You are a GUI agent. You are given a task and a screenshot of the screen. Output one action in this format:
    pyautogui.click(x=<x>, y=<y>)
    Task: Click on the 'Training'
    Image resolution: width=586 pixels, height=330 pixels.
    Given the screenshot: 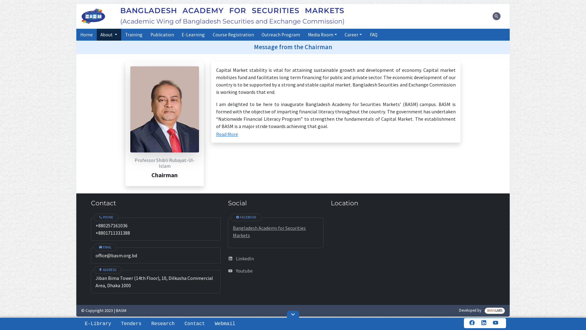 What is the action you would take?
    pyautogui.click(x=133, y=35)
    